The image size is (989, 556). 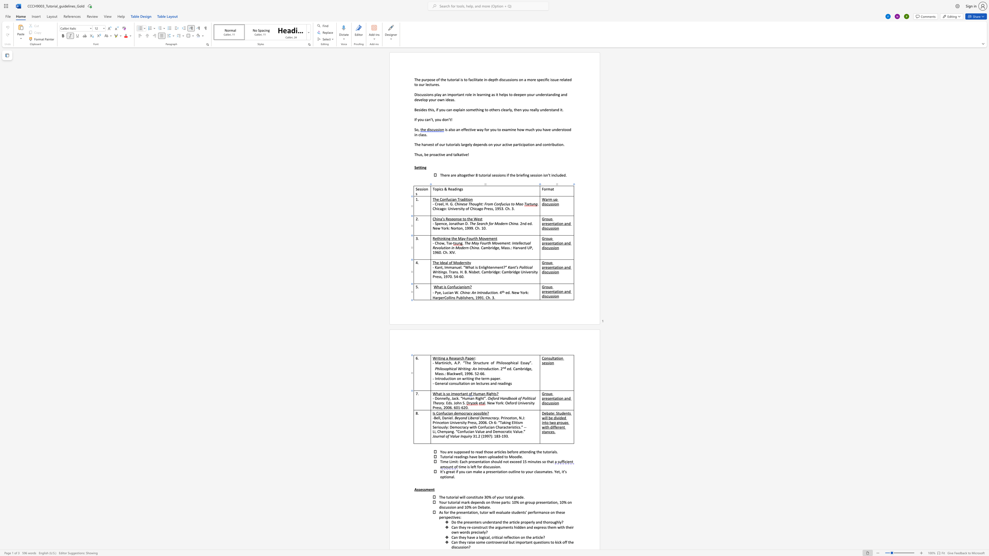 What do you see at coordinates (507, 383) in the screenshot?
I see `the 6th character "n" in the text` at bounding box center [507, 383].